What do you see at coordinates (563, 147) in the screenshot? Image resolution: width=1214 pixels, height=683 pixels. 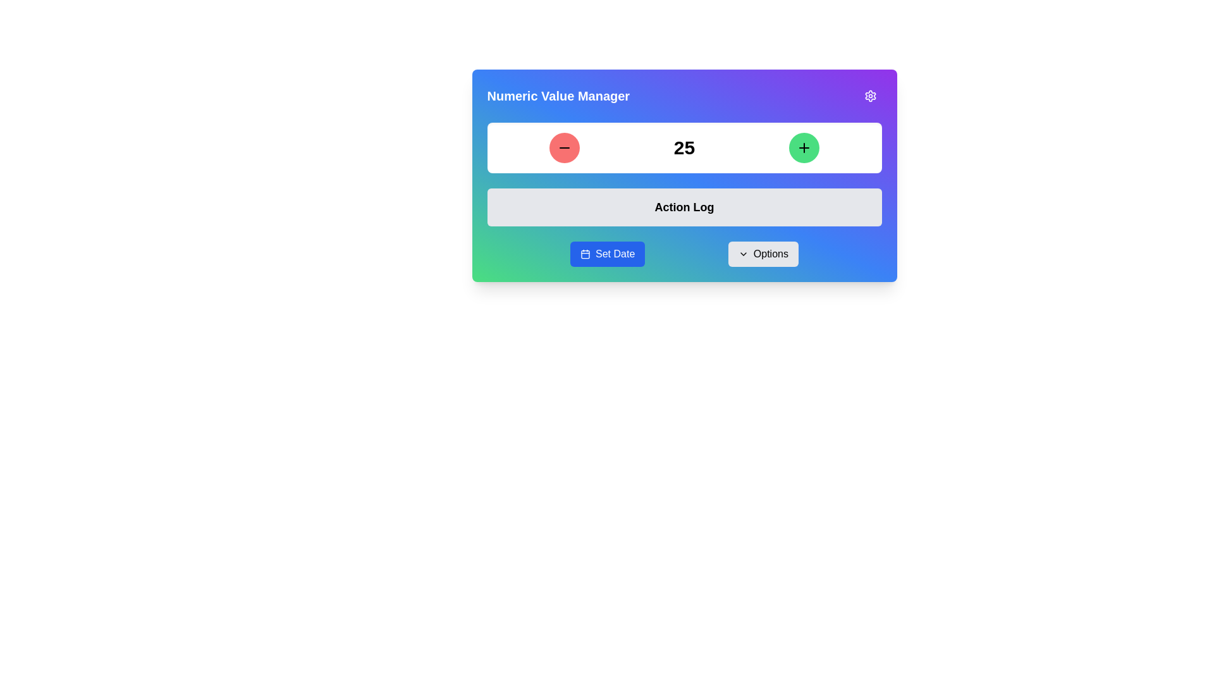 I see `the black horizontal line button with a red circular background, located to the left of the numeric value display ('25'), to decrement the numeric value` at bounding box center [563, 147].